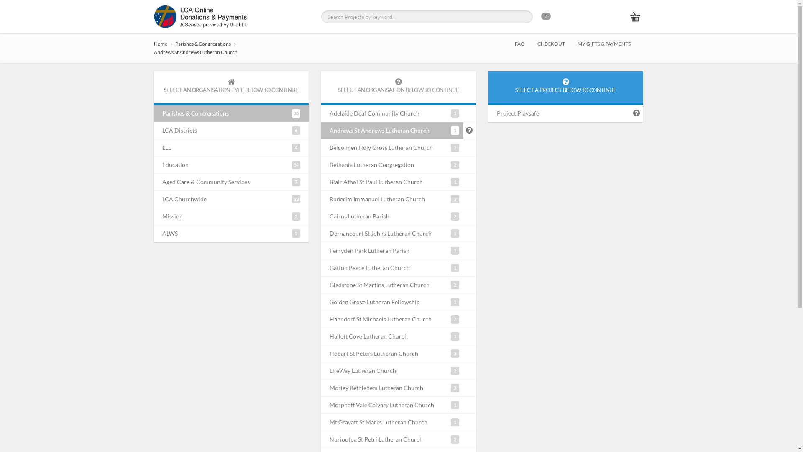 Image resolution: width=803 pixels, height=452 pixels. What do you see at coordinates (391, 285) in the screenshot?
I see `'2` at bounding box center [391, 285].